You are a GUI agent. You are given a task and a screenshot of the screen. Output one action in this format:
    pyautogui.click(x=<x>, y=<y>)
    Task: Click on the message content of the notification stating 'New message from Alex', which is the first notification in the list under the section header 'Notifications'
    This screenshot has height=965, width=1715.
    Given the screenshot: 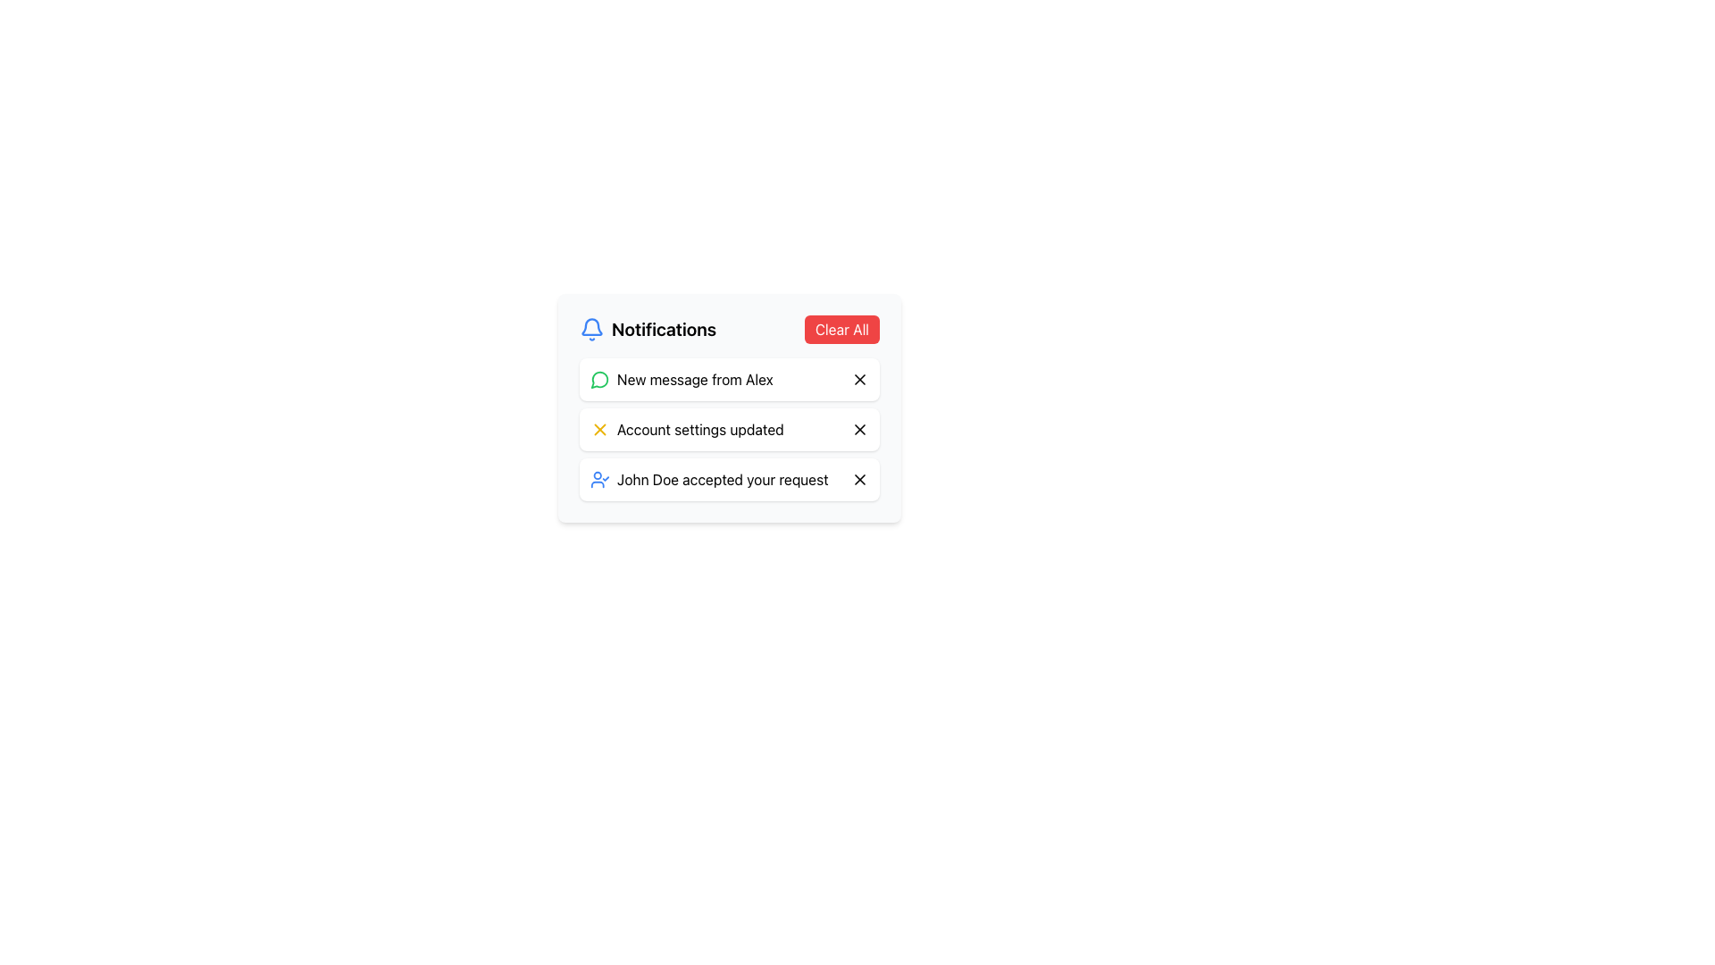 What is the action you would take?
    pyautogui.click(x=694, y=378)
    